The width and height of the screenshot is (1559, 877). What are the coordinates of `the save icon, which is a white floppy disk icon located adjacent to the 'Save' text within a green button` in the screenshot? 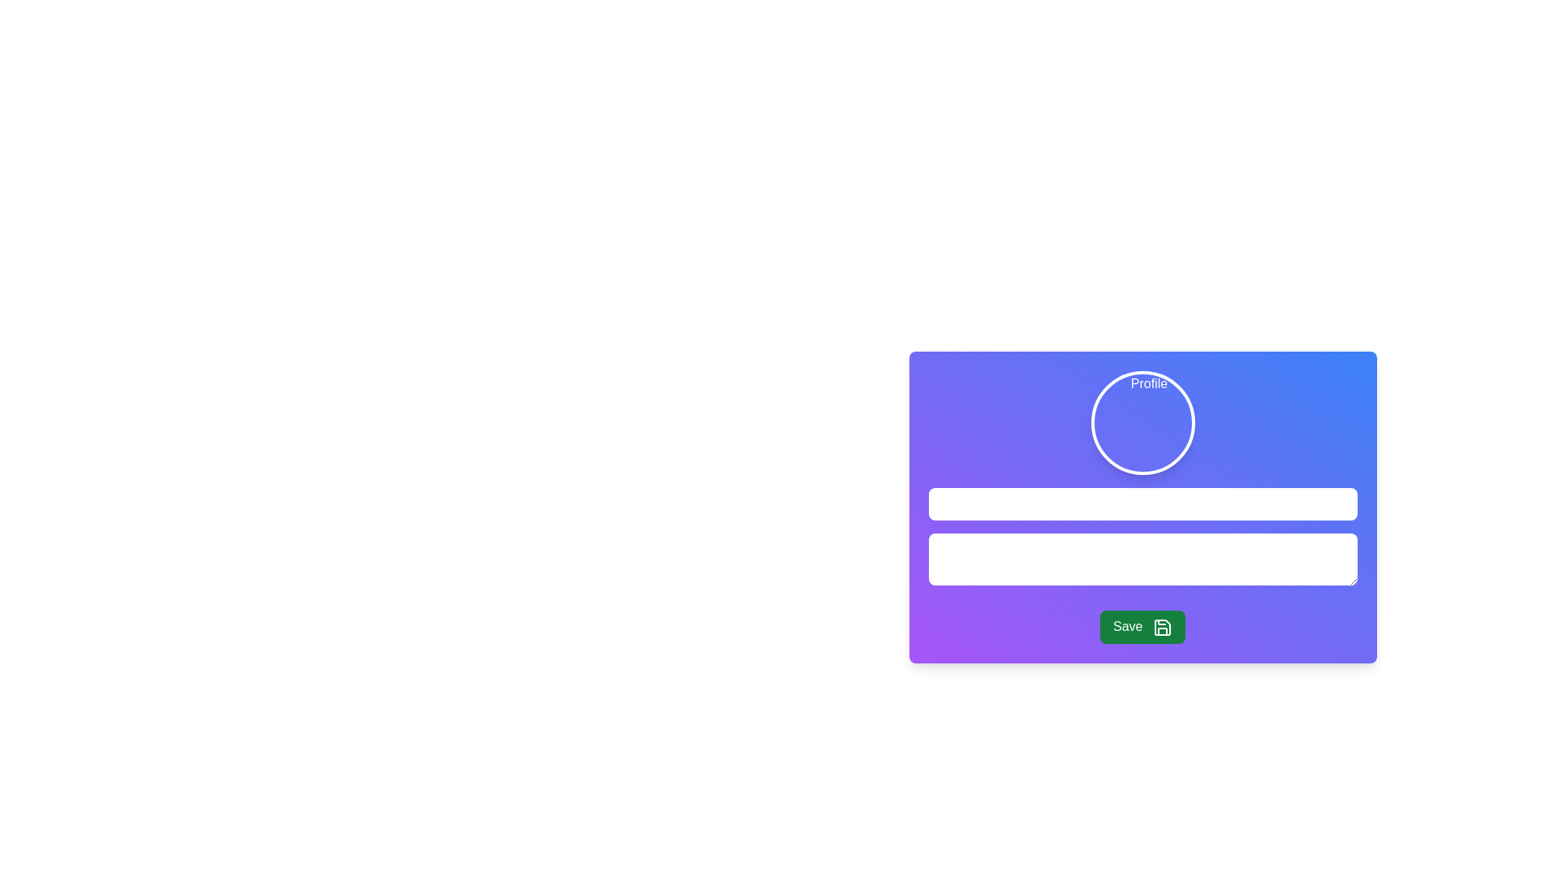 It's located at (1161, 626).